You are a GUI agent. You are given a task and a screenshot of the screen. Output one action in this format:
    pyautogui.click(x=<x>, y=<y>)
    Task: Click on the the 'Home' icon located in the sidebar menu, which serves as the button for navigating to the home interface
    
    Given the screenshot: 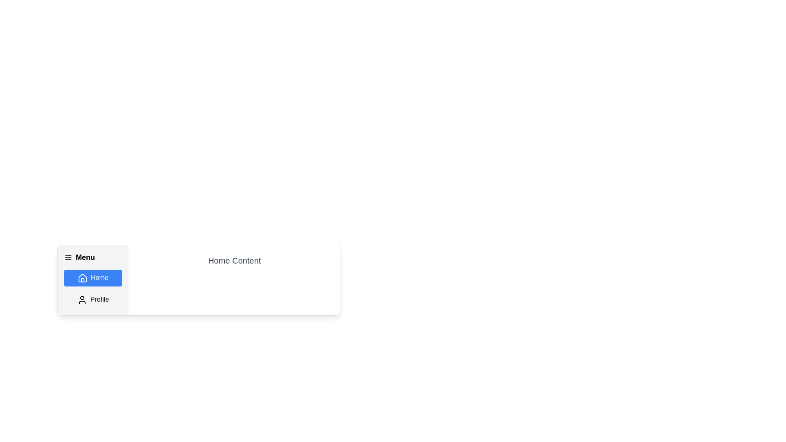 What is the action you would take?
    pyautogui.click(x=82, y=277)
    